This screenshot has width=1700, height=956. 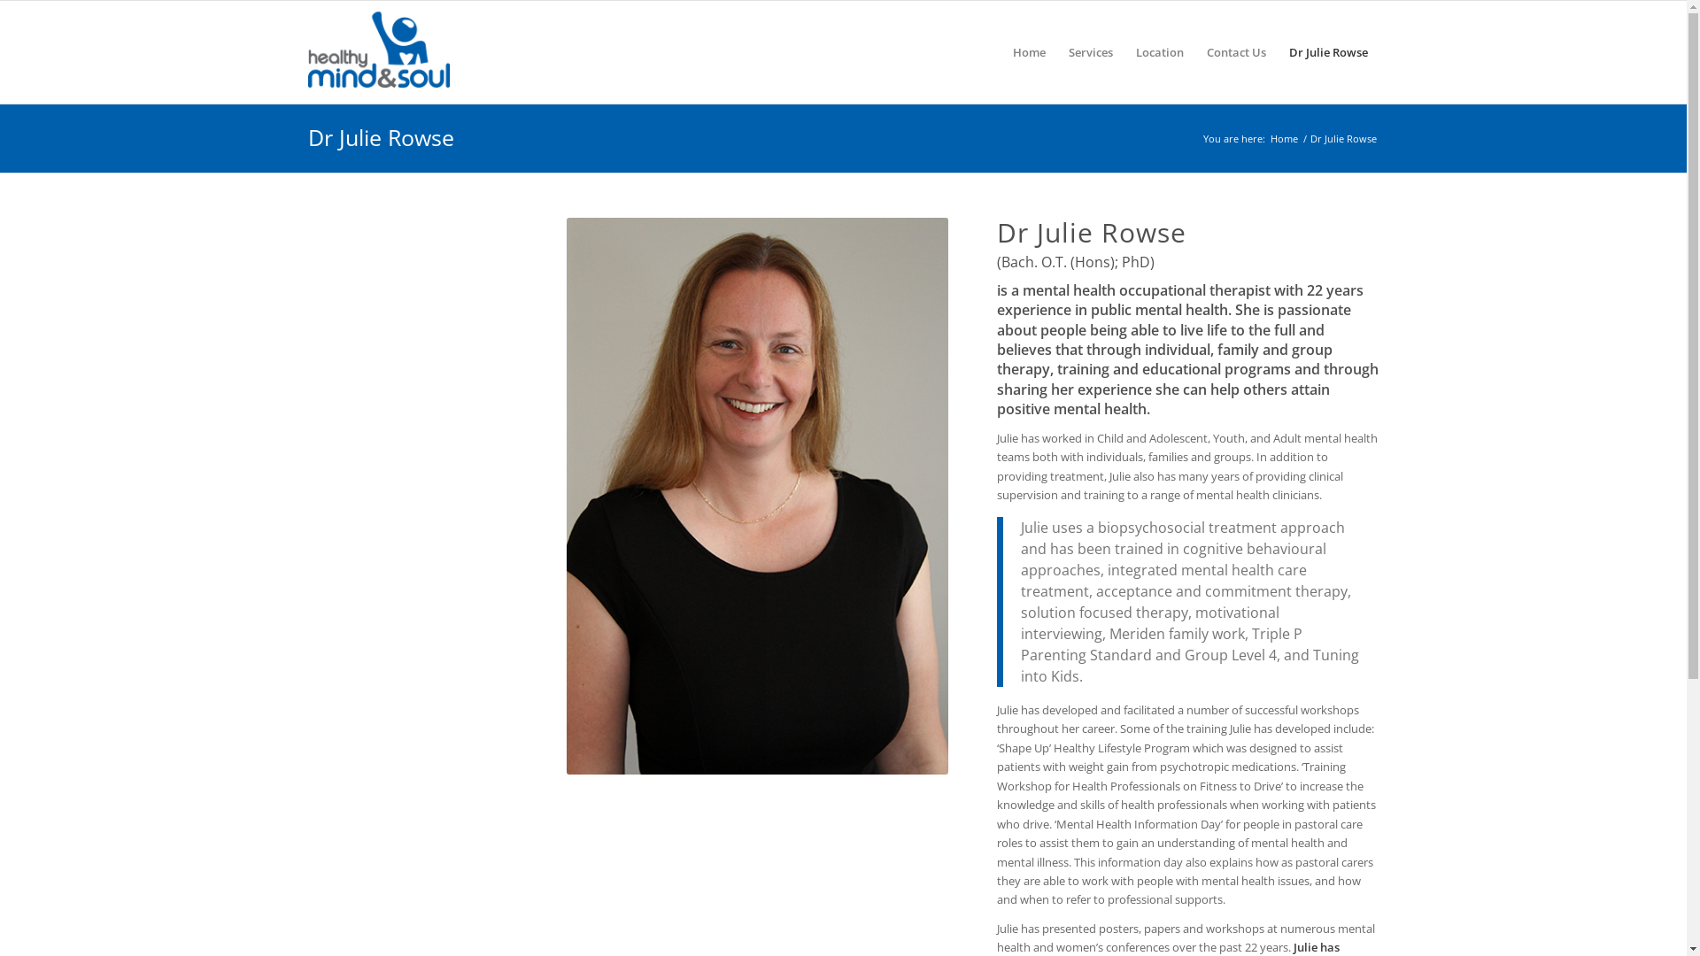 What do you see at coordinates (1000, 50) in the screenshot?
I see `'Home'` at bounding box center [1000, 50].